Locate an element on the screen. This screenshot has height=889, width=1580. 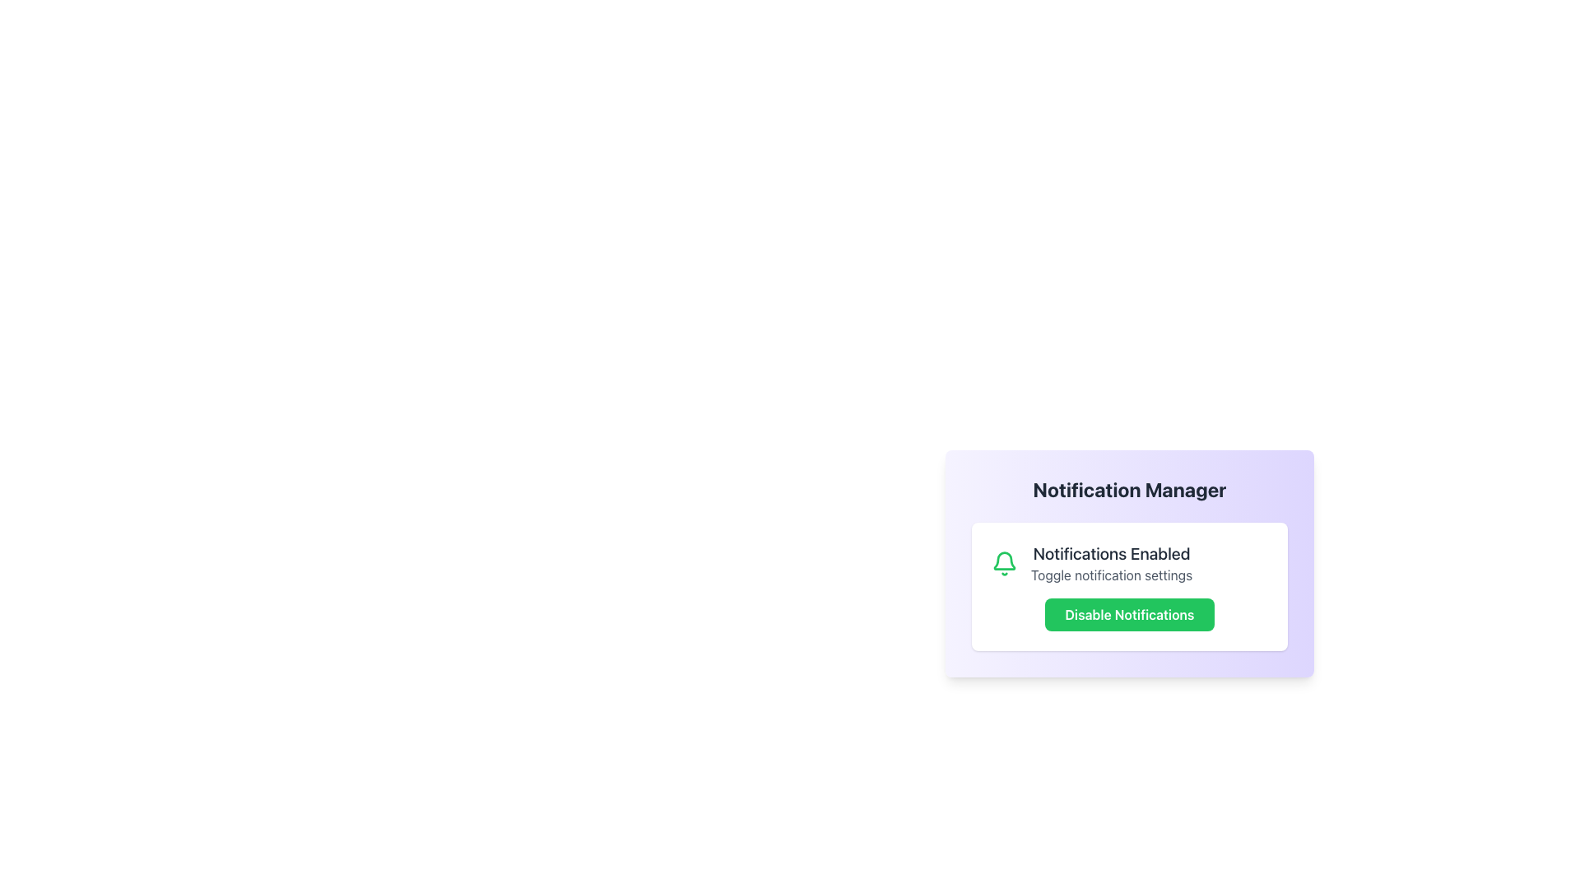
the button located at the bottom of the white card labeled 'Notifications Enabled' in the Notification Manager section is located at coordinates (1128, 615).